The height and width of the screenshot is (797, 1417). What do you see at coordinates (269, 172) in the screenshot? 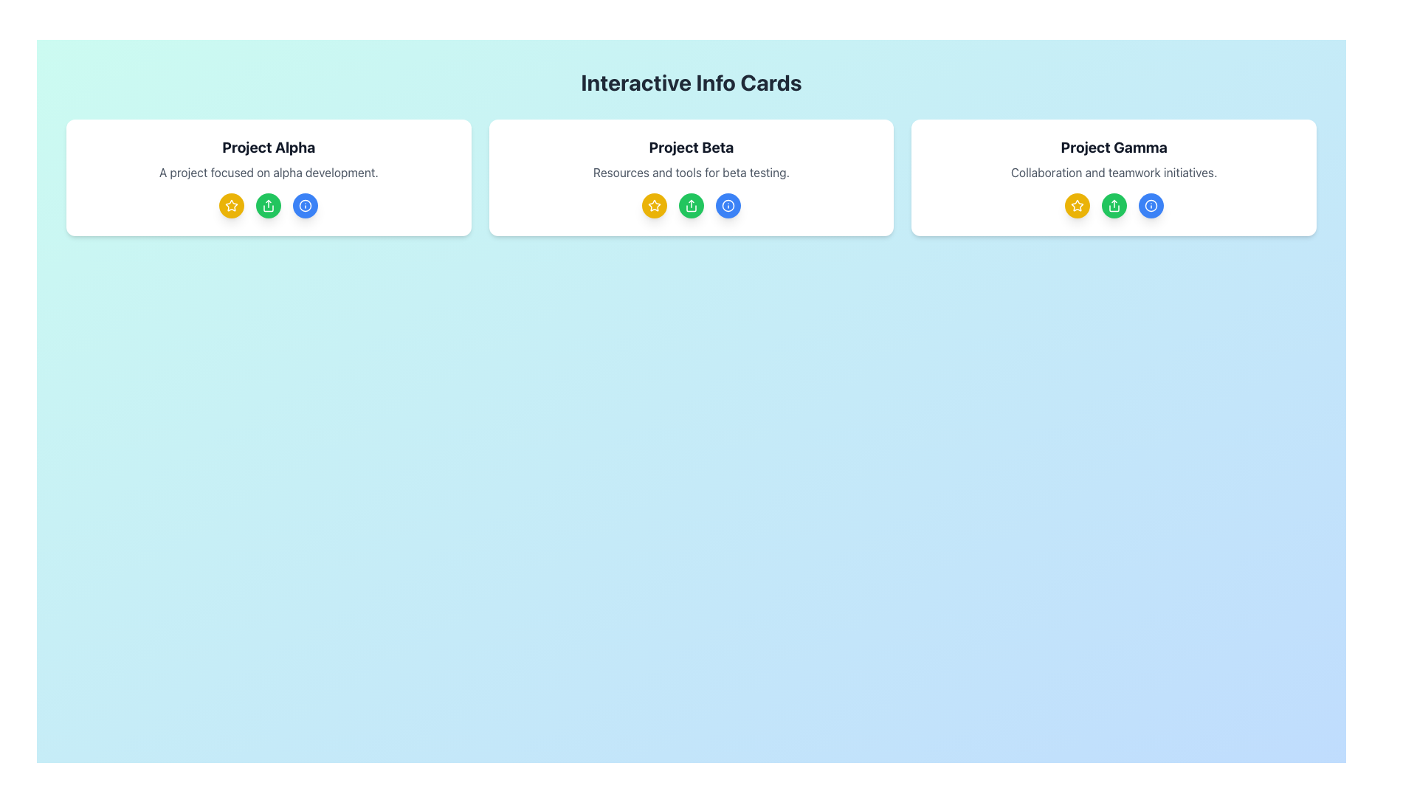
I see `text that states 'A project focused on alpha development.' located below the title 'Project Alpha' within the bordered card layout` at bounding box center [269, 172].